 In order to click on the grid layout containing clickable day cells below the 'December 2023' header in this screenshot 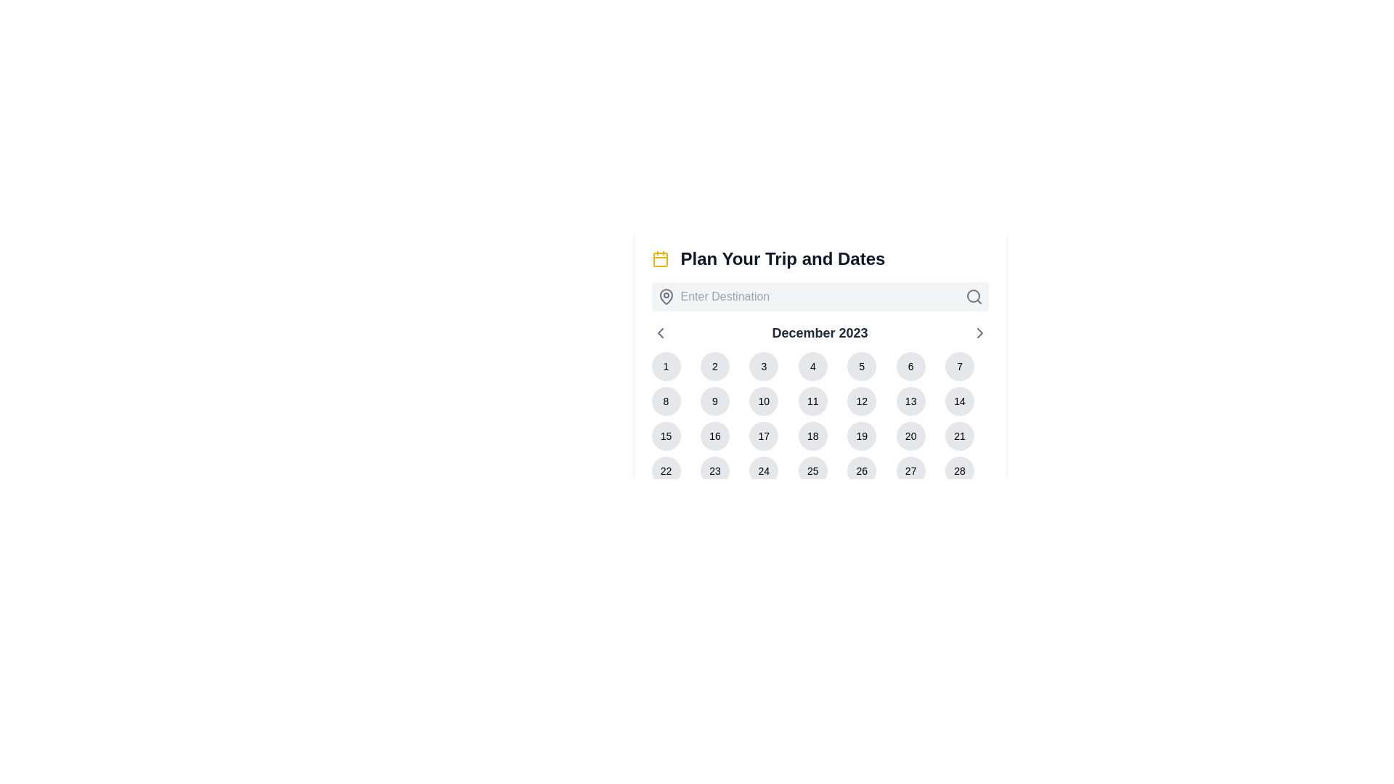, I will do `click(820, 436)`.